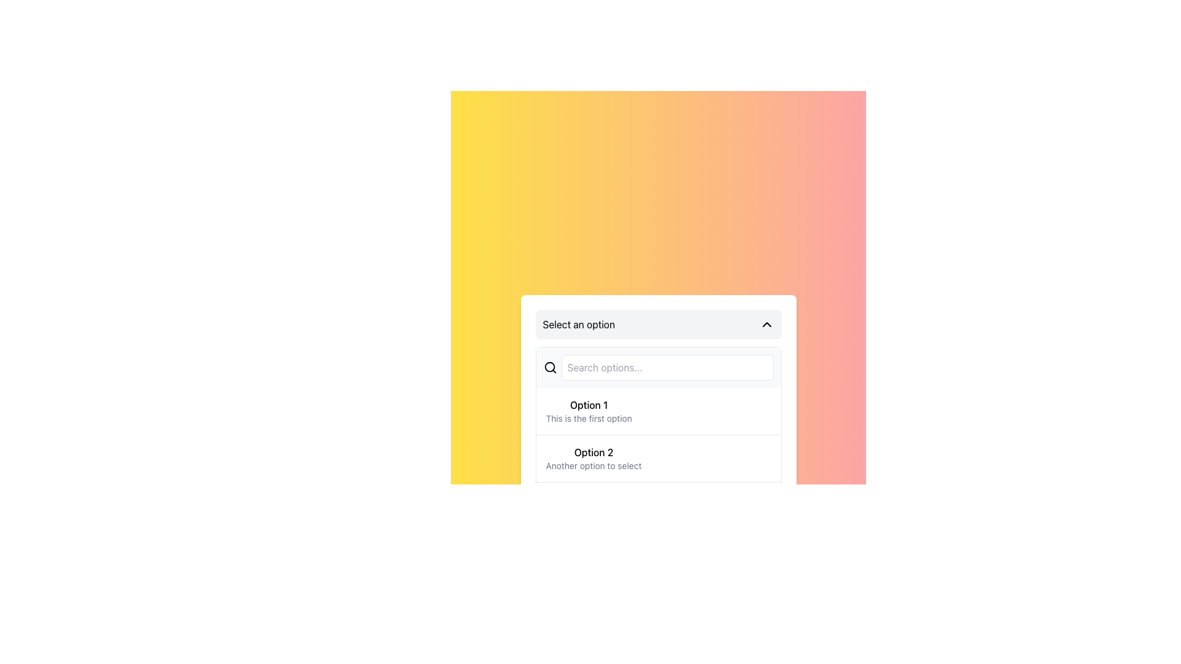 The image size is (1181, 664). What do you see at coordinates (766, 324) in the screenshot?
I see `the dropdown menu icon located to the right of the 'Select an option.' label, which allows users to expand or collapse the menu` at bounding box center [766, 324].